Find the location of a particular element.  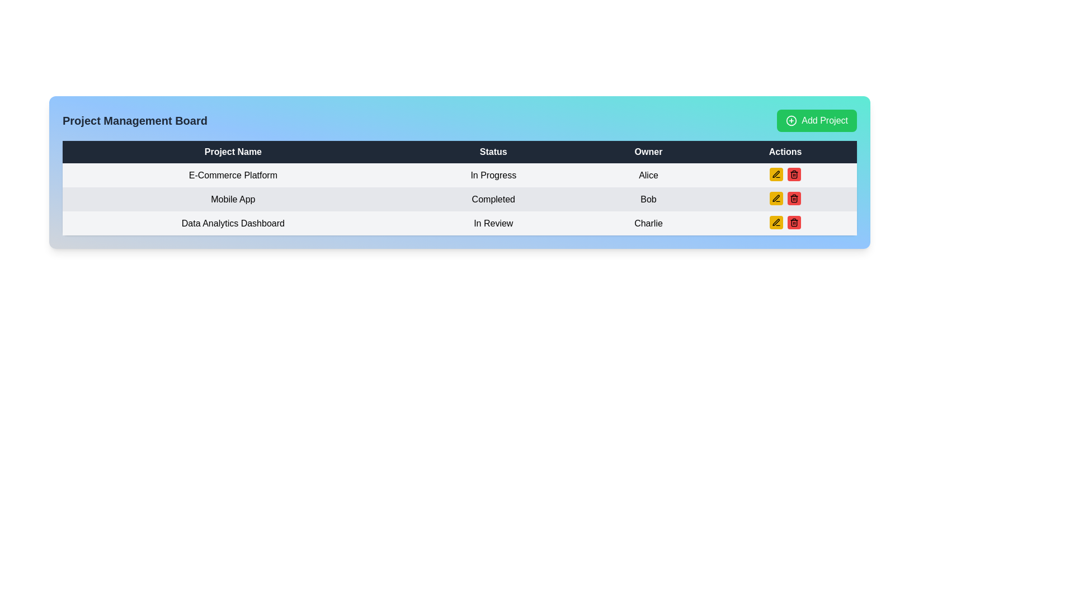

the 'Owner' column header in the table, which is the third column header located between 'Status' and 'Actions' is located at coordinates (648, 152).